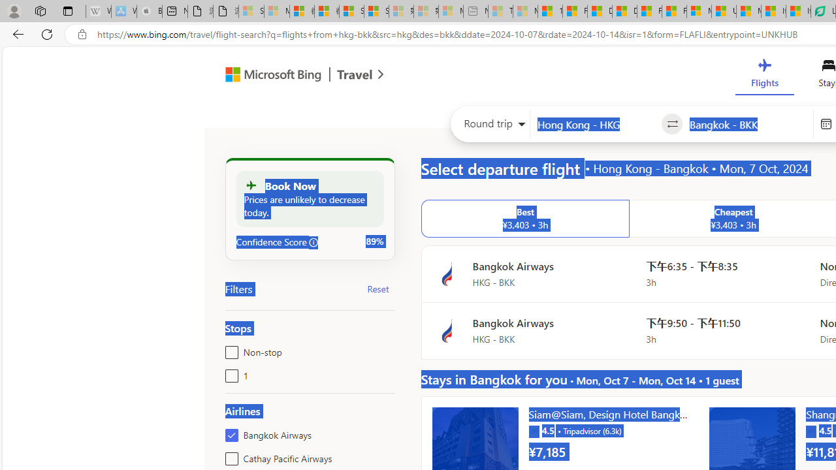 This screenshot has height=470, width=836. Describe the element at coordinates (525, 11) in the screenshot. I see `'Marine life - MSN - Sleeping'` at that location.